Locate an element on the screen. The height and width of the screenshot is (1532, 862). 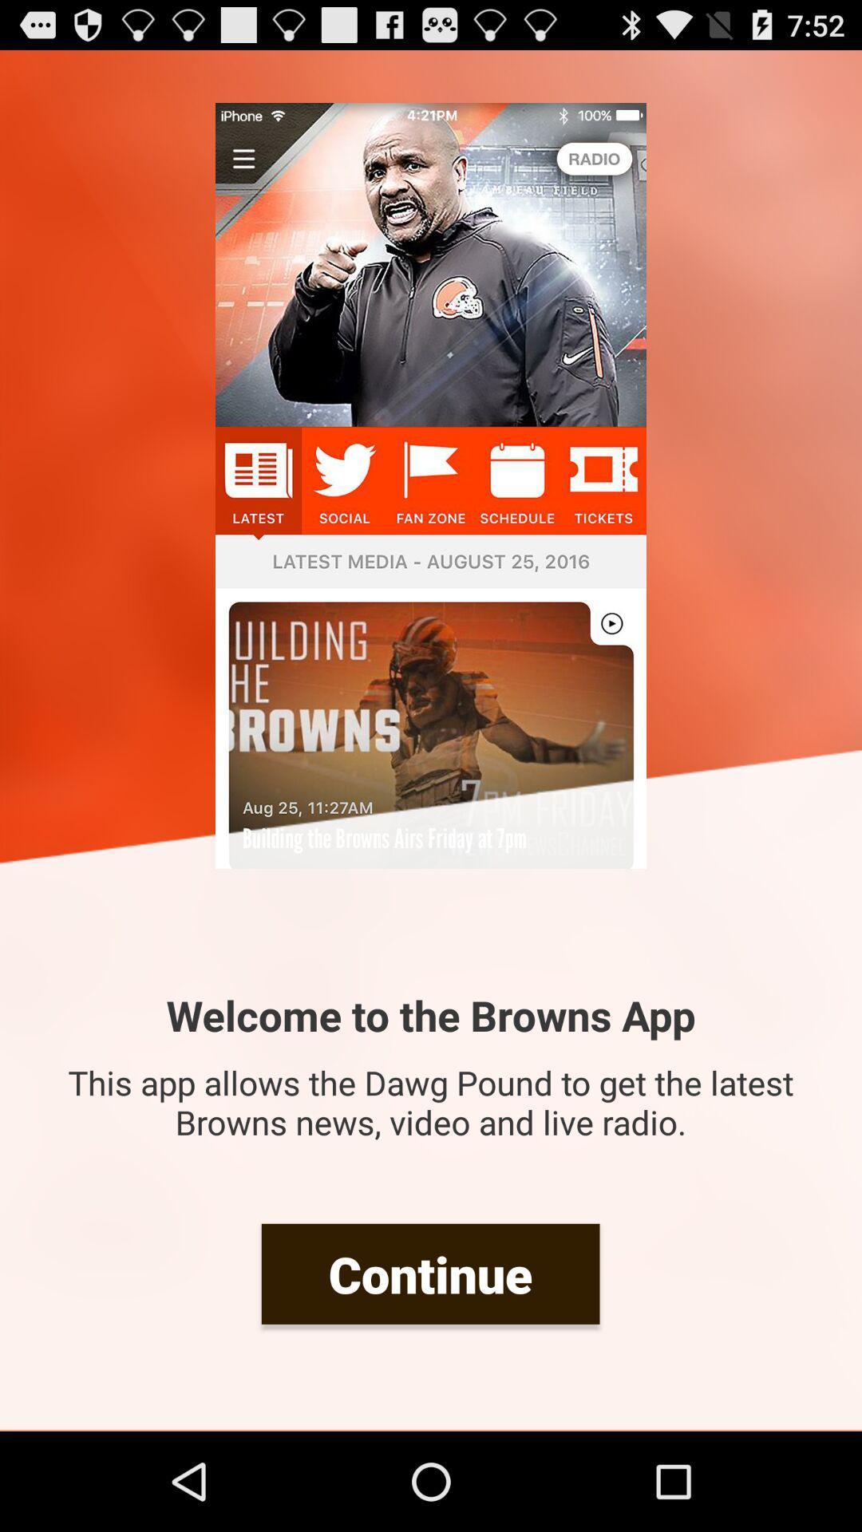
icon below the this app allows item is located at coordinates (429, 1273).